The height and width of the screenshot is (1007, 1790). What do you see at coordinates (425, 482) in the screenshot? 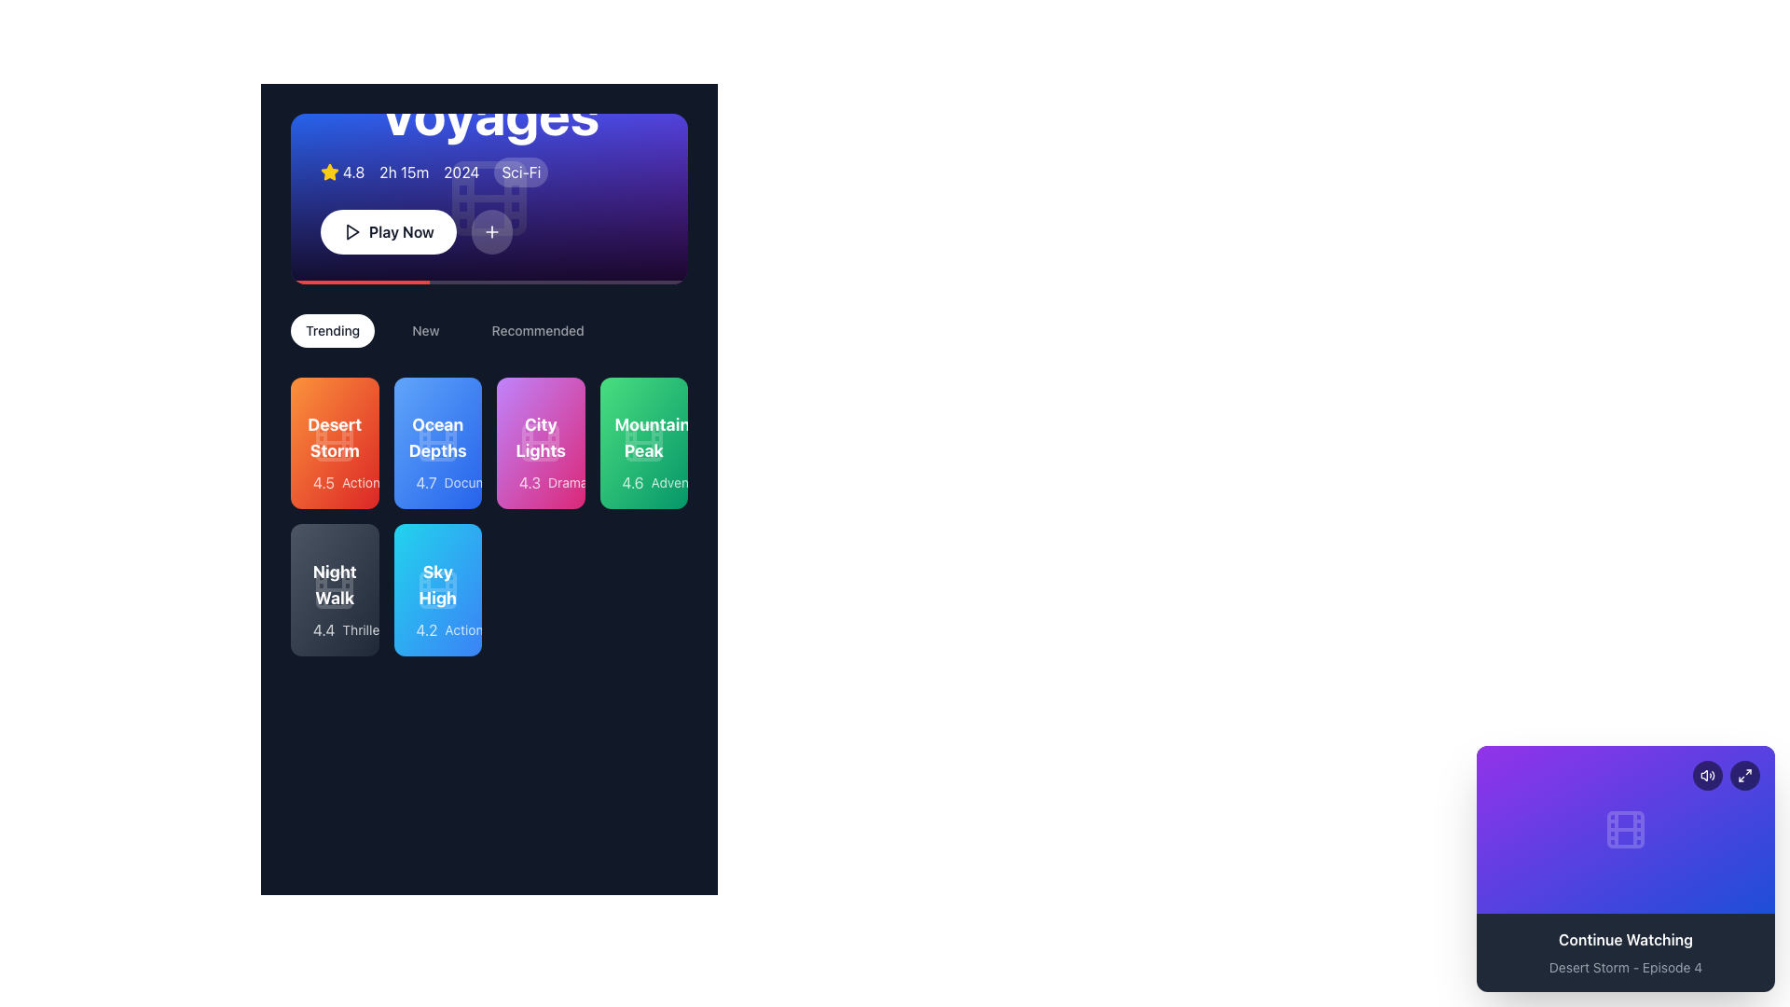
I see `user or critic rating displayed on the text label located in the center-top-right region of the blue card labeled 'Ocean Depths', positioned to the immediate left of the text 'Documentary'` at bounding box center [425, 482].